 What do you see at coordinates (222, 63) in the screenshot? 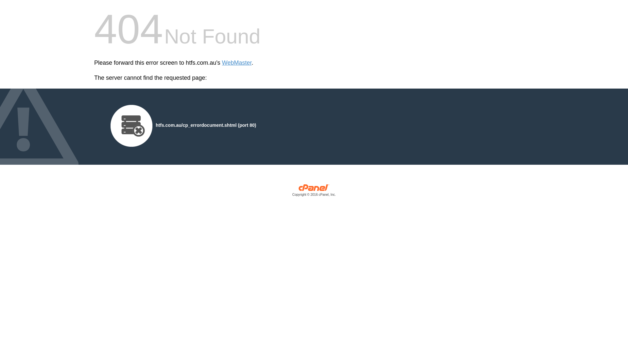
I see `'WebMaster'` at bounding box center [222, 63].